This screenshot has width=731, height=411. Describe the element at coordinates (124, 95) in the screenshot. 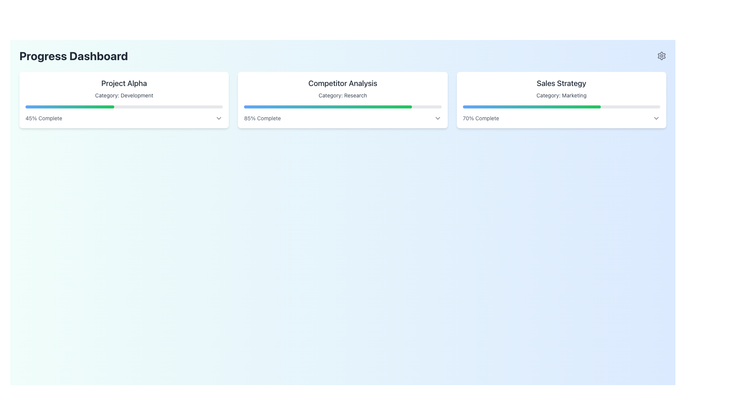

I see `the text label displaying 'Category: Development', which is centered in a white card element beneath the header 'Project Alpha'` at that location.